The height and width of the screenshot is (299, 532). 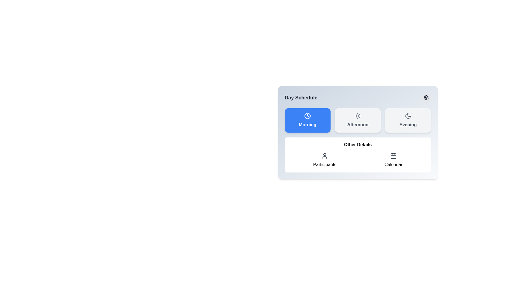 I want to click on the 'Evening' button located in the top-right corner of the 'Day Schedule' section via keyboard navigation, so click(x=408, y=120).